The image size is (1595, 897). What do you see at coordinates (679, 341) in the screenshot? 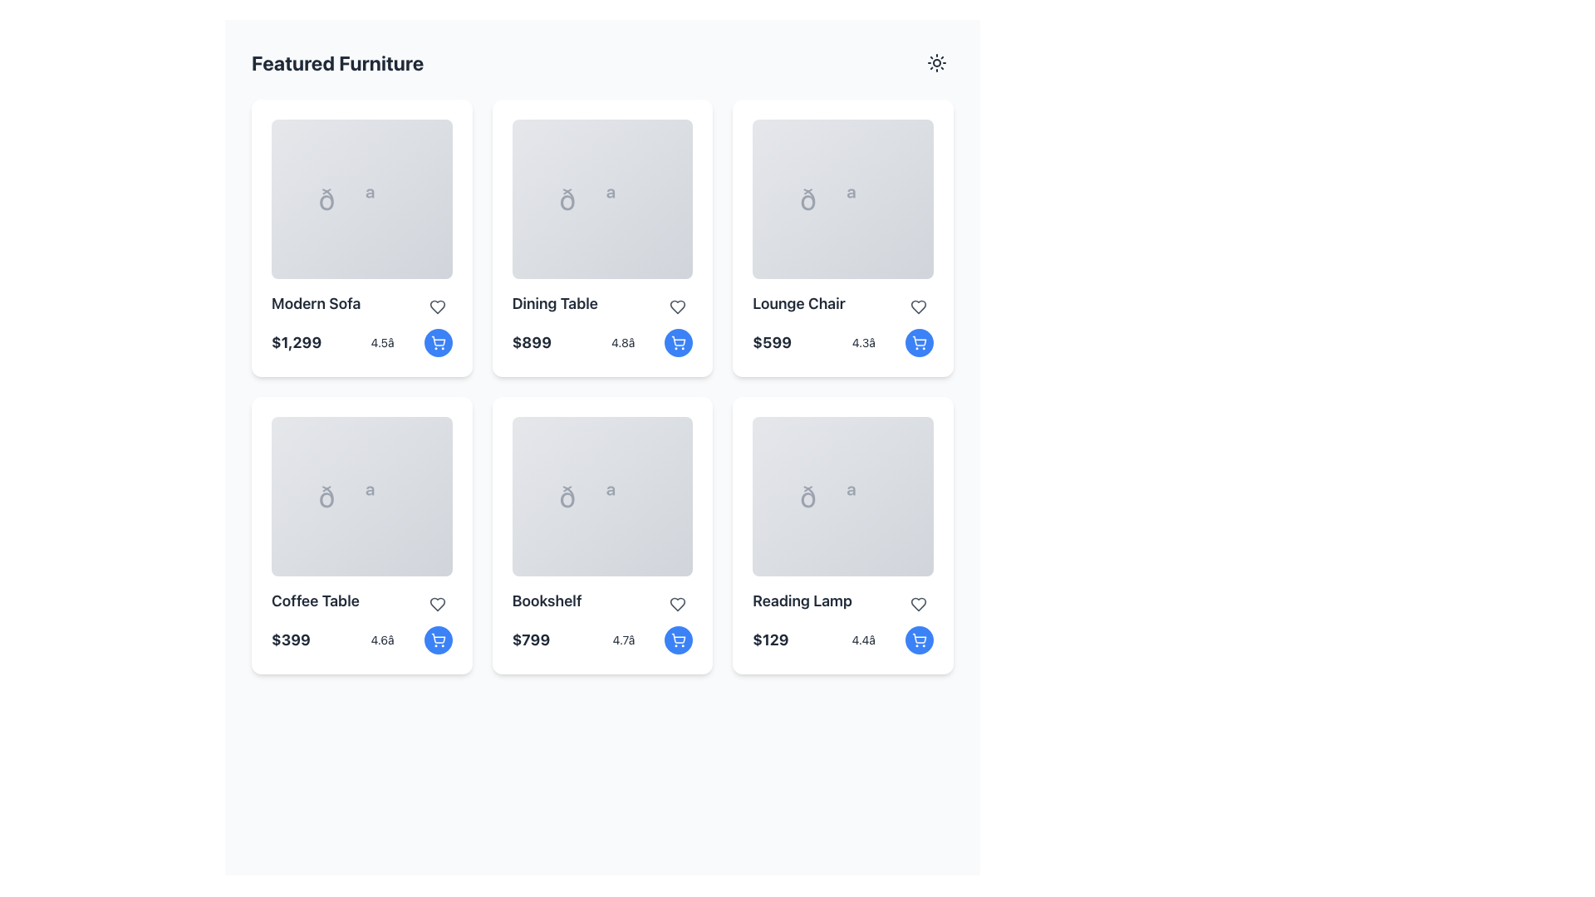
I see `the shopping cart icon button in the bottom right corner of the 'Dining Table' item card` at bounding box center [679, 341].